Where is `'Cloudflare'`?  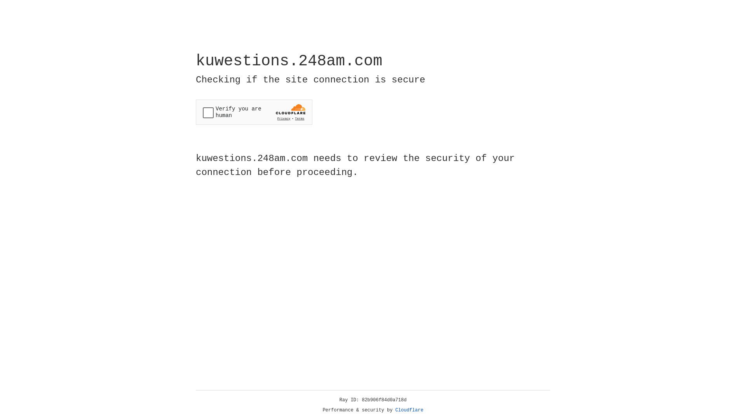
'Cloudflare' is located at coordinates (409, 410).